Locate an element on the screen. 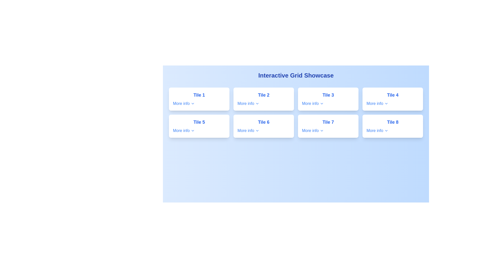 The image size is (482, 271). text content of the title label located at the top center of the tile card, which serves as an identifier for the corresponding tile is located at coordinates (263, 95).